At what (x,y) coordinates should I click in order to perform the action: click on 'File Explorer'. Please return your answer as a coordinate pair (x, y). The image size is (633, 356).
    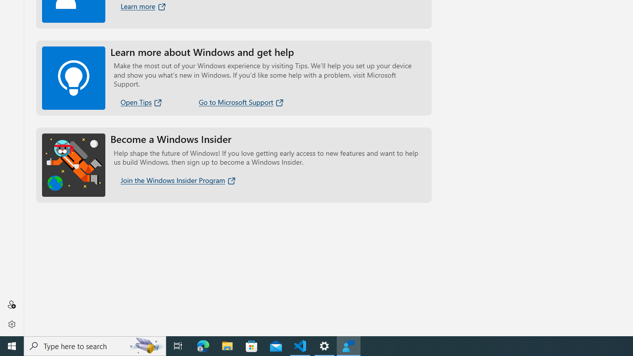
    Looking at the image, I should click on (227, 345).